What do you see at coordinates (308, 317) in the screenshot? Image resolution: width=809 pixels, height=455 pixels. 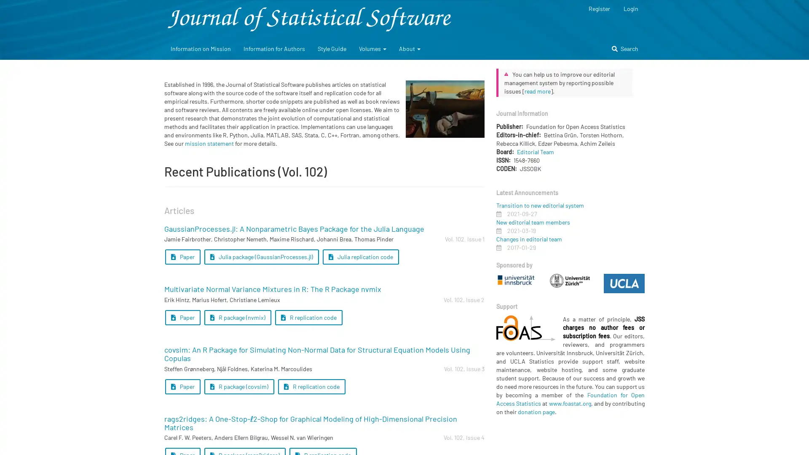 I see `R replication code` at bounding box center [308, 317].